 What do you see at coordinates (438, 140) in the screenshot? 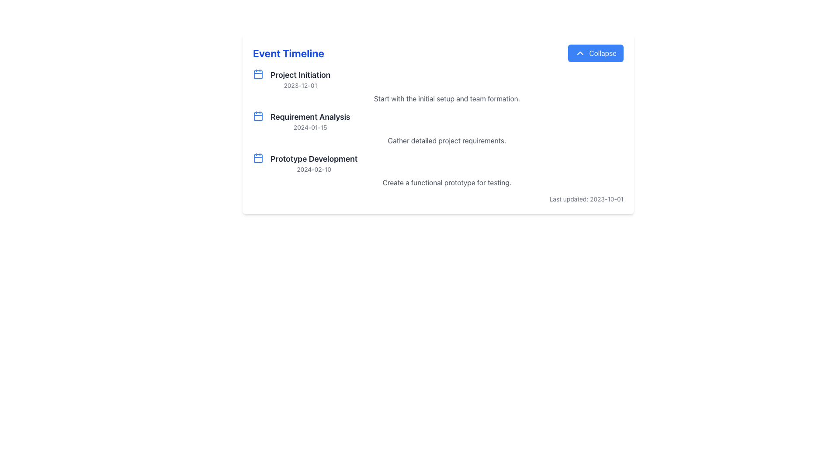
I see `the text label providing additional descriptive information for the 'Requirement Analysis' section, located below the section heading and date '2024-01-15'` at bounding box center [438, 140].